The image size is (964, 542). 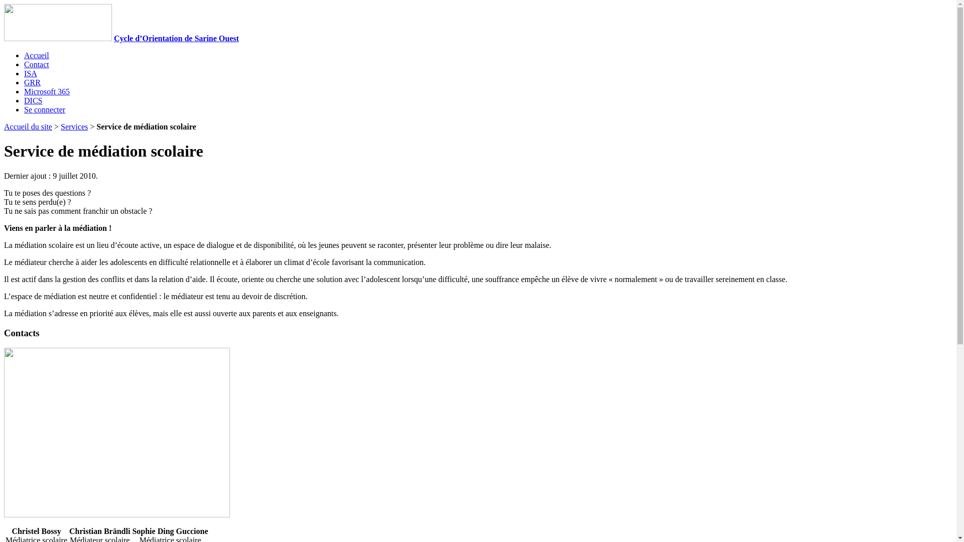 What do you see at coordinates (28, 126) in the screenshot?
I see `'Accueil du site'` at bounding box center [28, 126].